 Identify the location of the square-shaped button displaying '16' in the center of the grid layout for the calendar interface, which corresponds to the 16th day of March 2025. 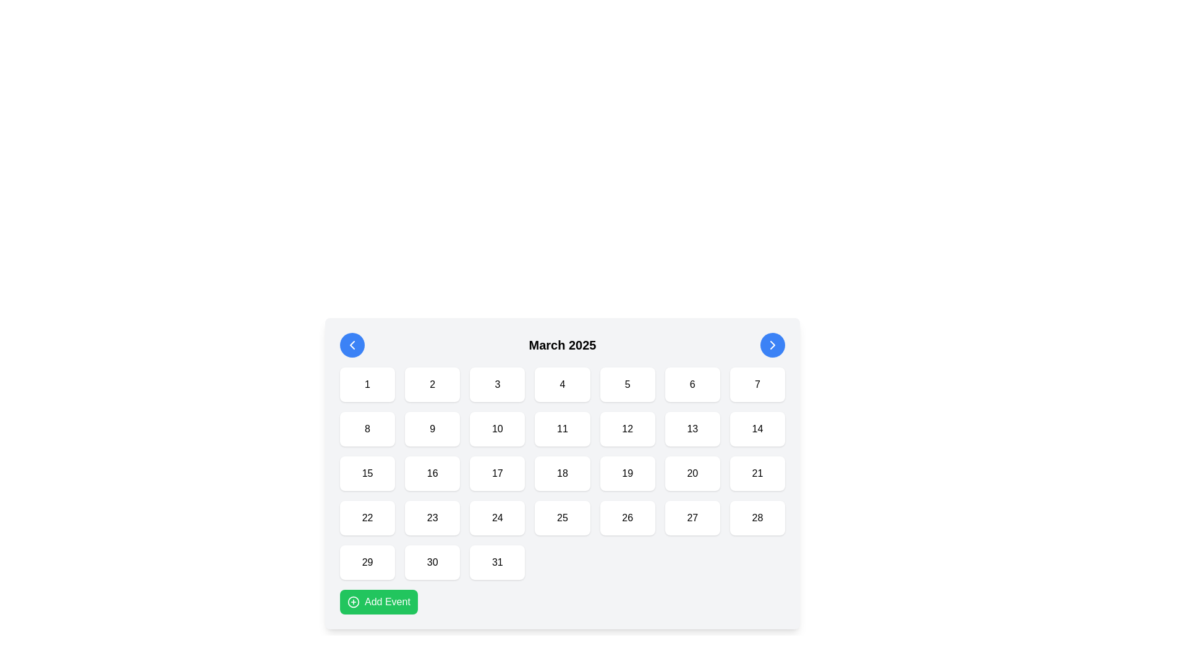
(432, 473).